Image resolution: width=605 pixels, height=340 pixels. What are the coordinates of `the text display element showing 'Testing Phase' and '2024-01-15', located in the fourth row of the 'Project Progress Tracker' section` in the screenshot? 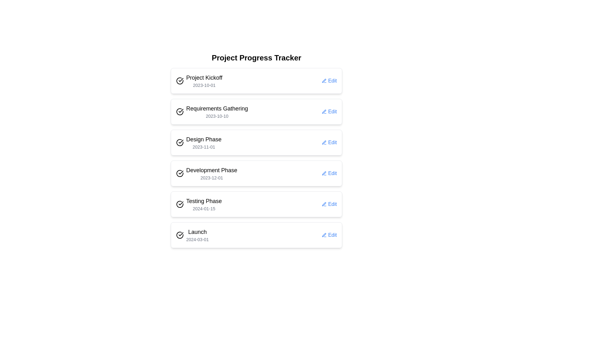 It's located at (204, 204).